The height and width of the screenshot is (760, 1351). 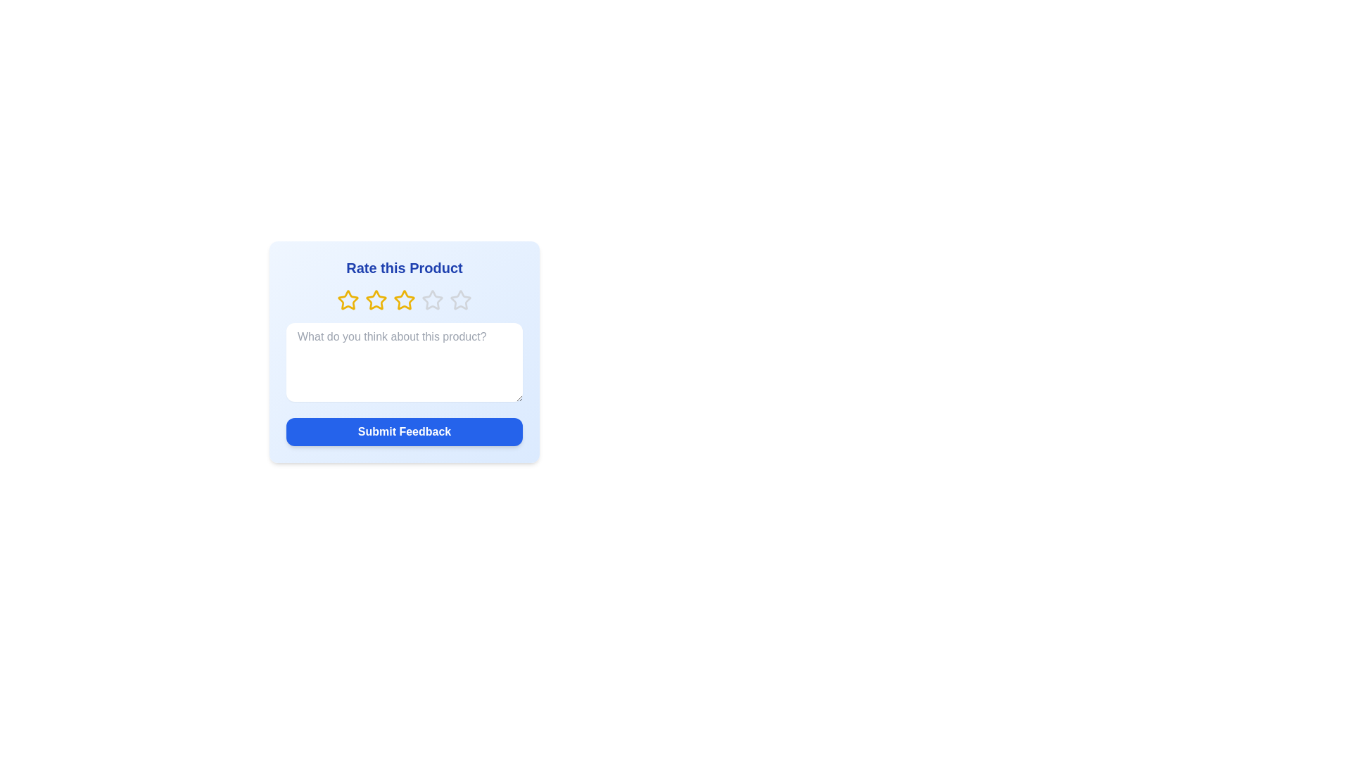 I want to click on the second star icon in the rating component, so click(x=404, y=299).